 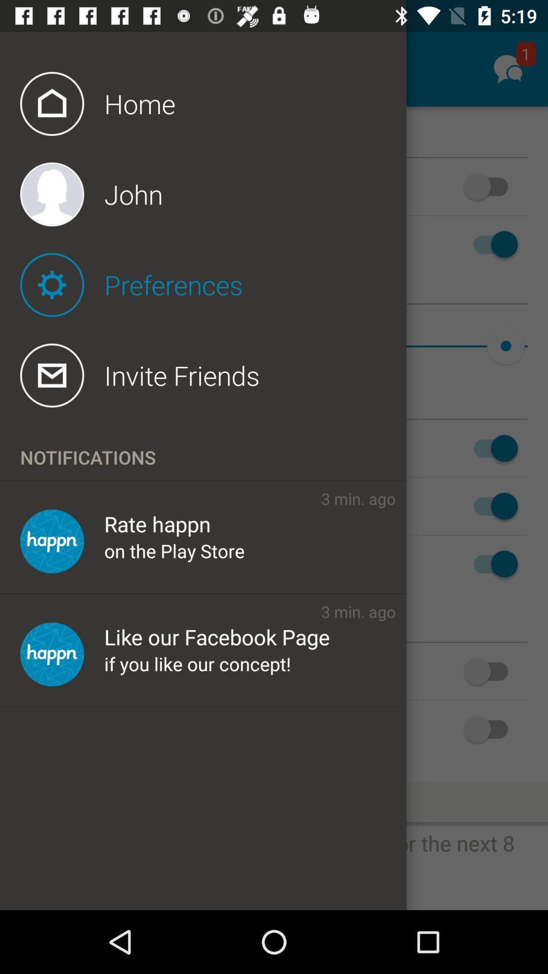 I want to click on sixth toggle switch, so click(x=490, y=564).